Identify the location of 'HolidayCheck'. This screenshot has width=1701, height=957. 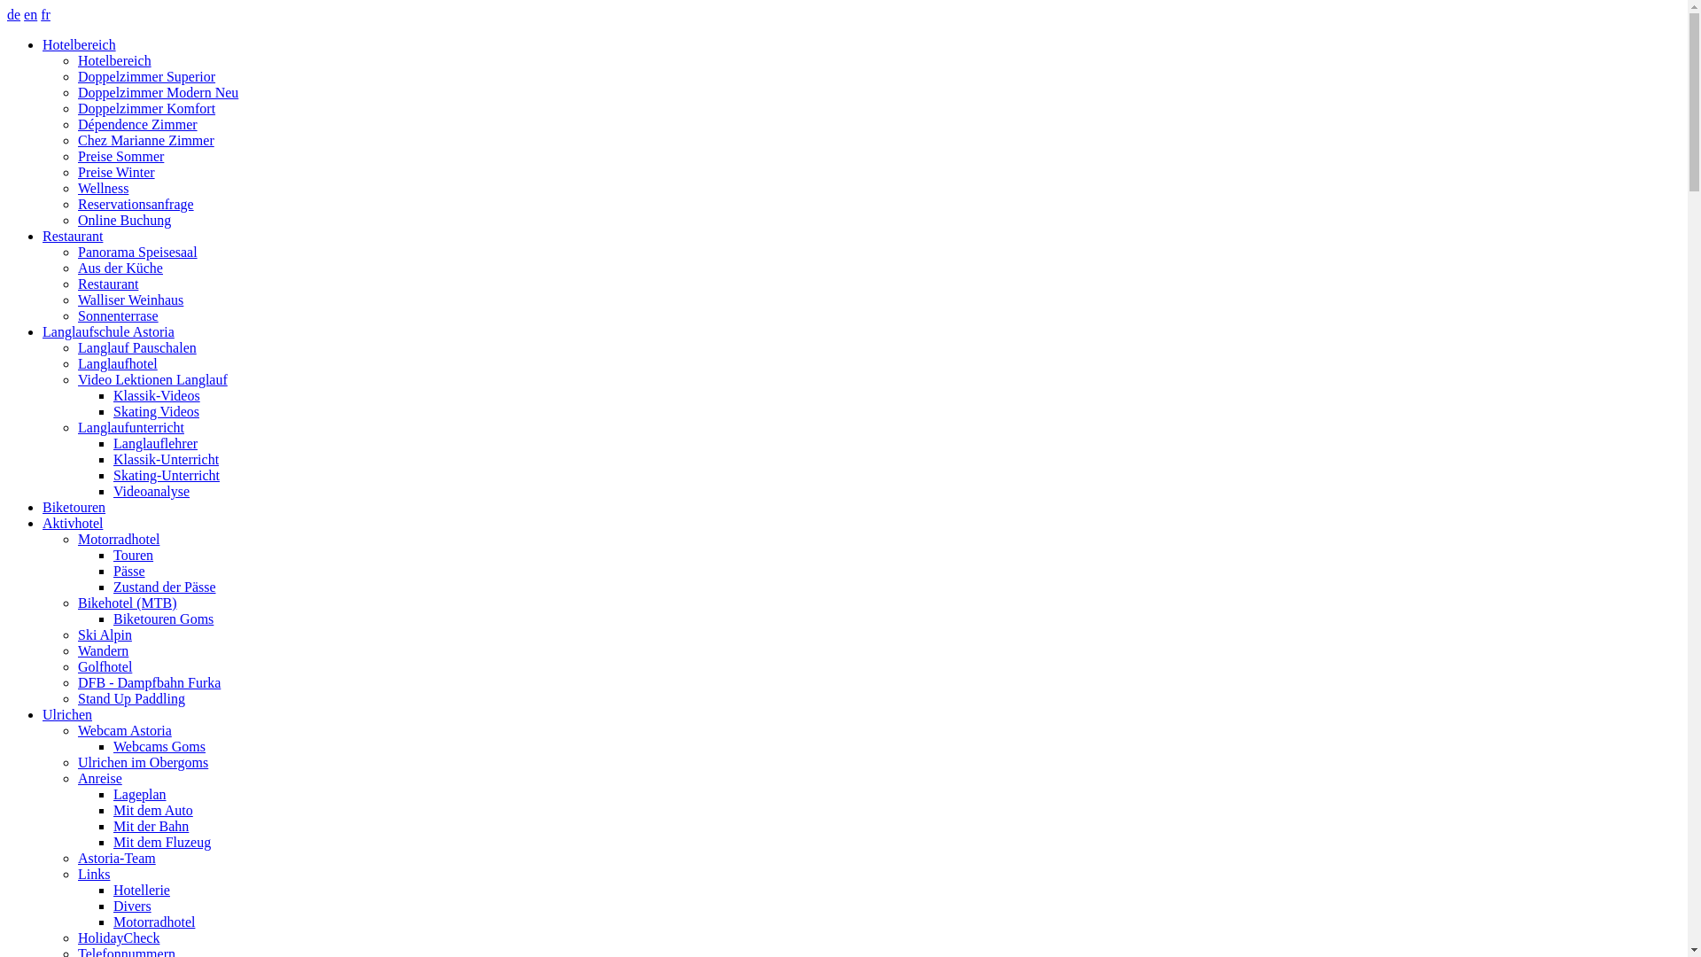
(118, 937).